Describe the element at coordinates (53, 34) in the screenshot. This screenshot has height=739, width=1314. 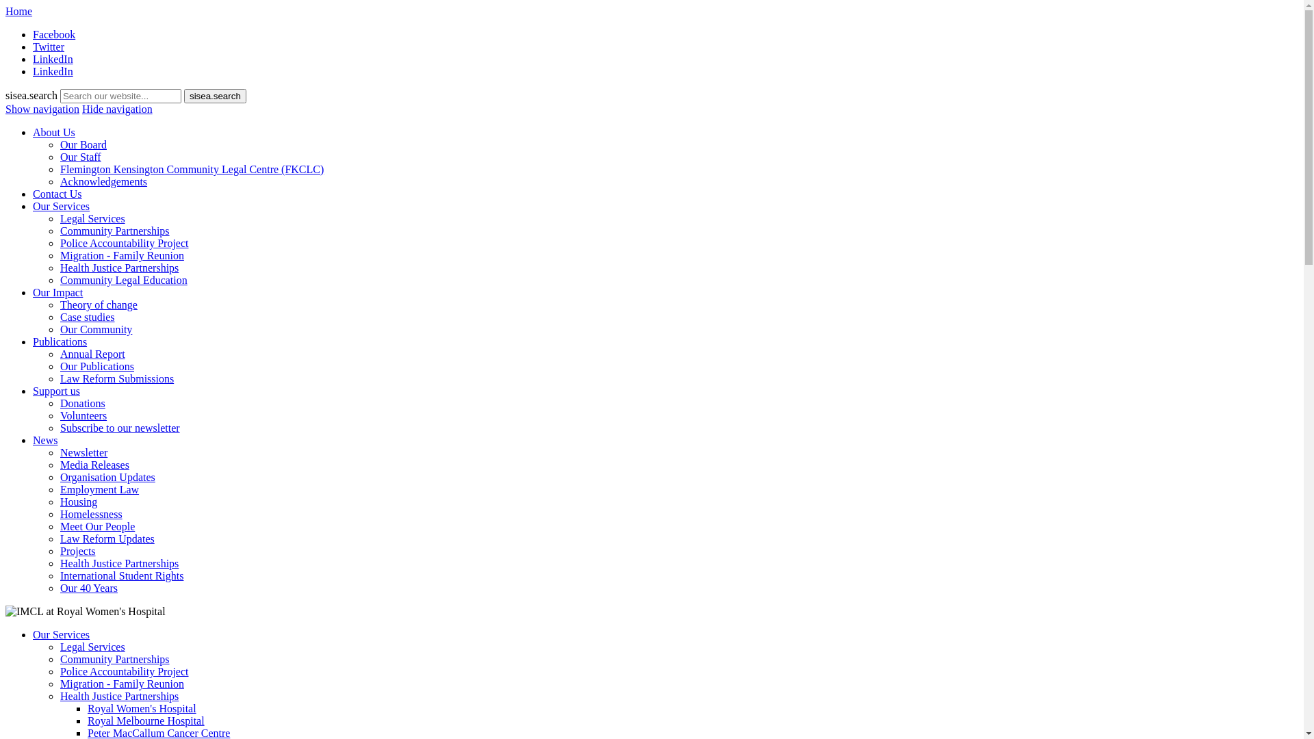
I see `'Facebook'` at that location.